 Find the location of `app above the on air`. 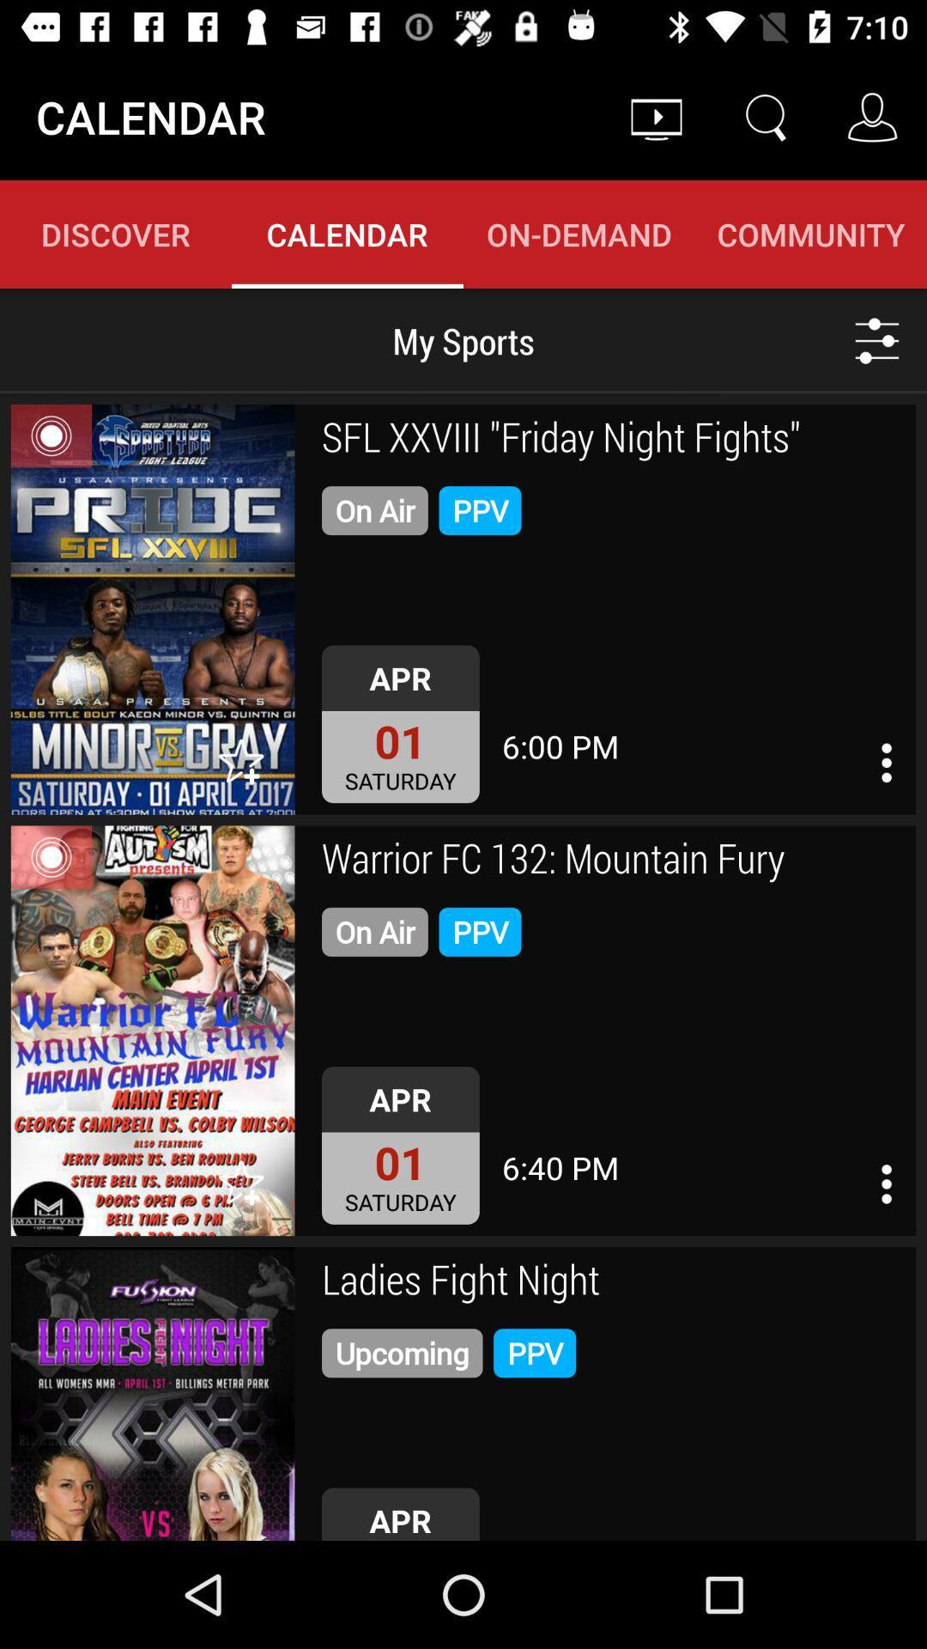

app above the on air is located at coordinates (612, 440).